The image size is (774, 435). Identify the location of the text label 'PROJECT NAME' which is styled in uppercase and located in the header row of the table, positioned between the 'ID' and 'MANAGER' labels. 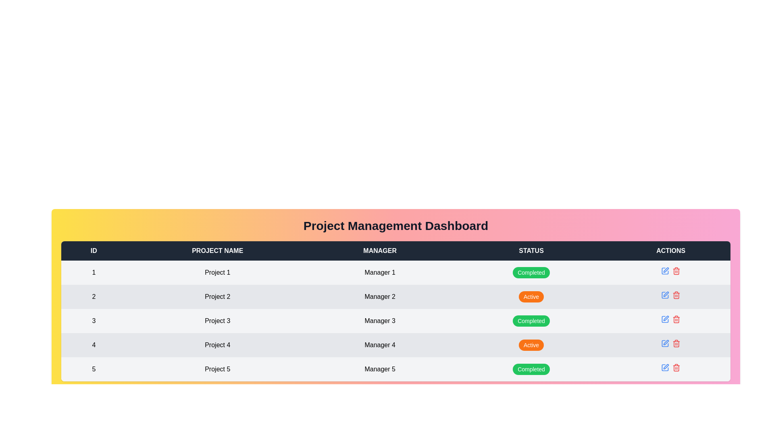
(217, 251).